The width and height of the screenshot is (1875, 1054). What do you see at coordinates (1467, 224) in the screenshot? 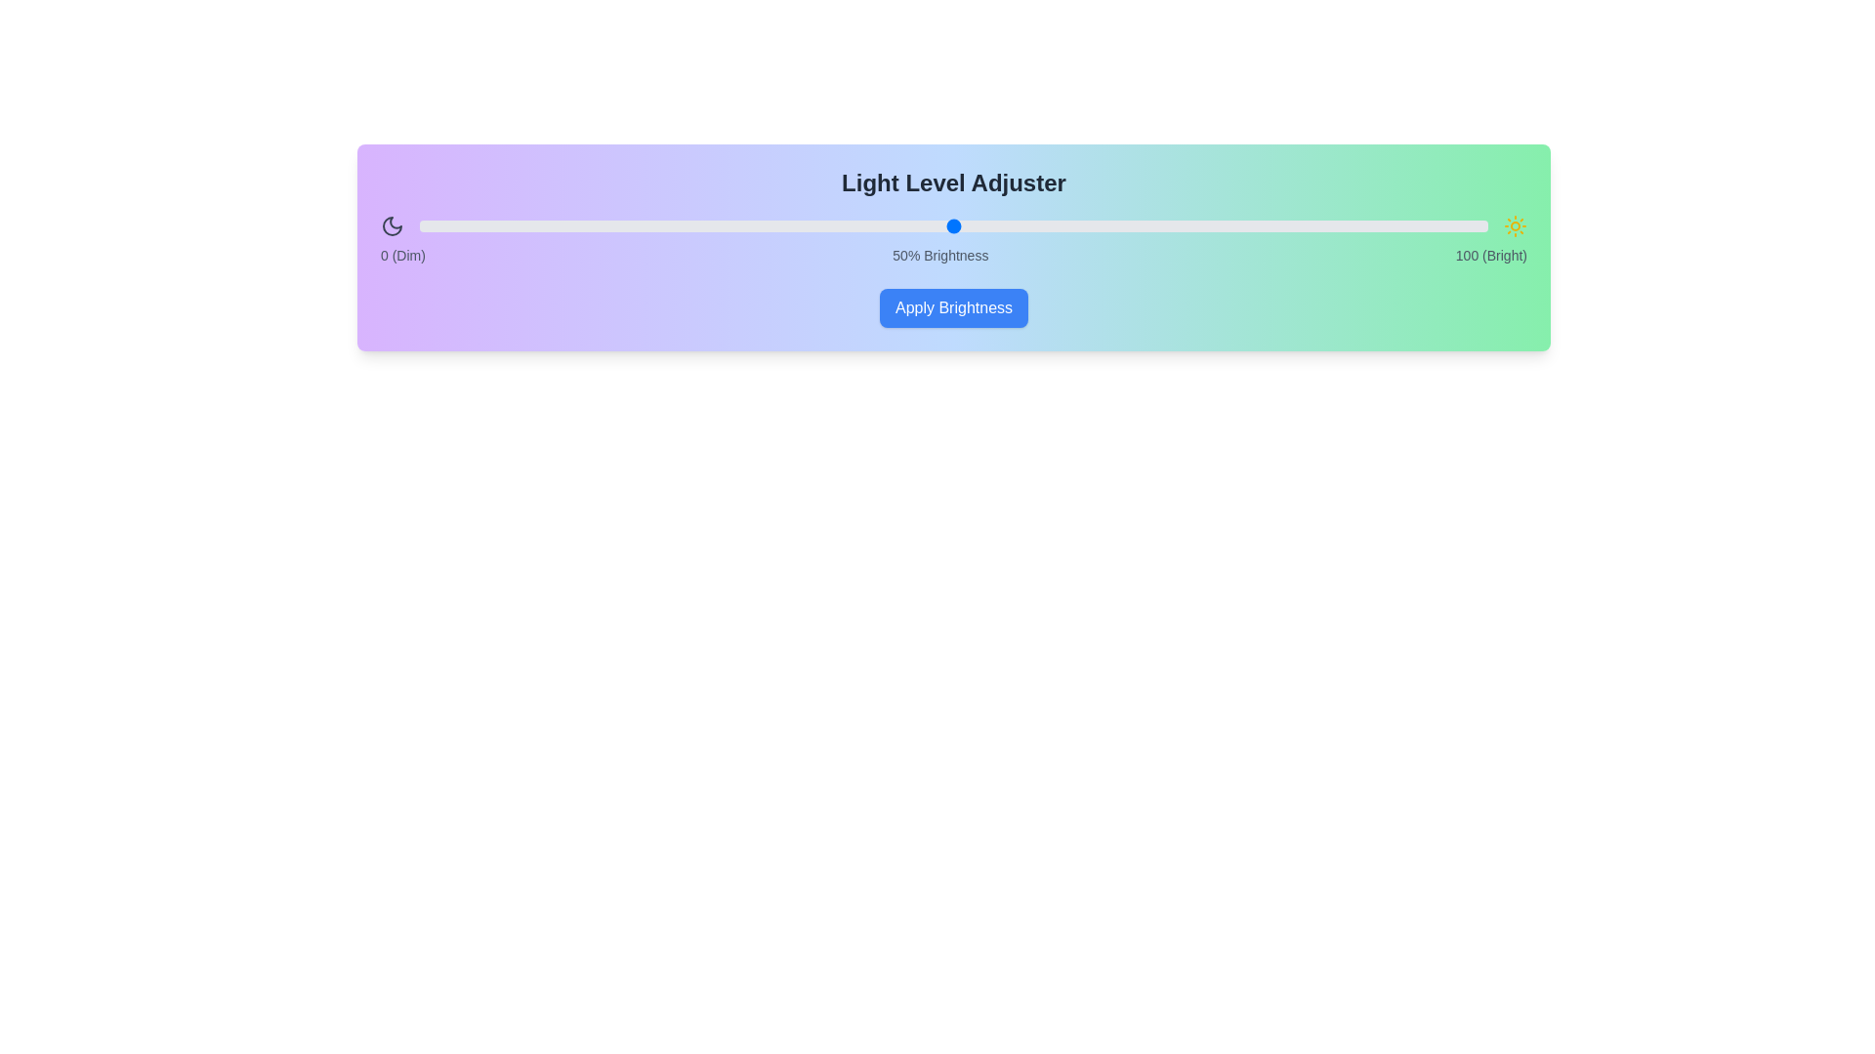
I see `the brightness slider to 98%` at bounding box center [1467, 224].